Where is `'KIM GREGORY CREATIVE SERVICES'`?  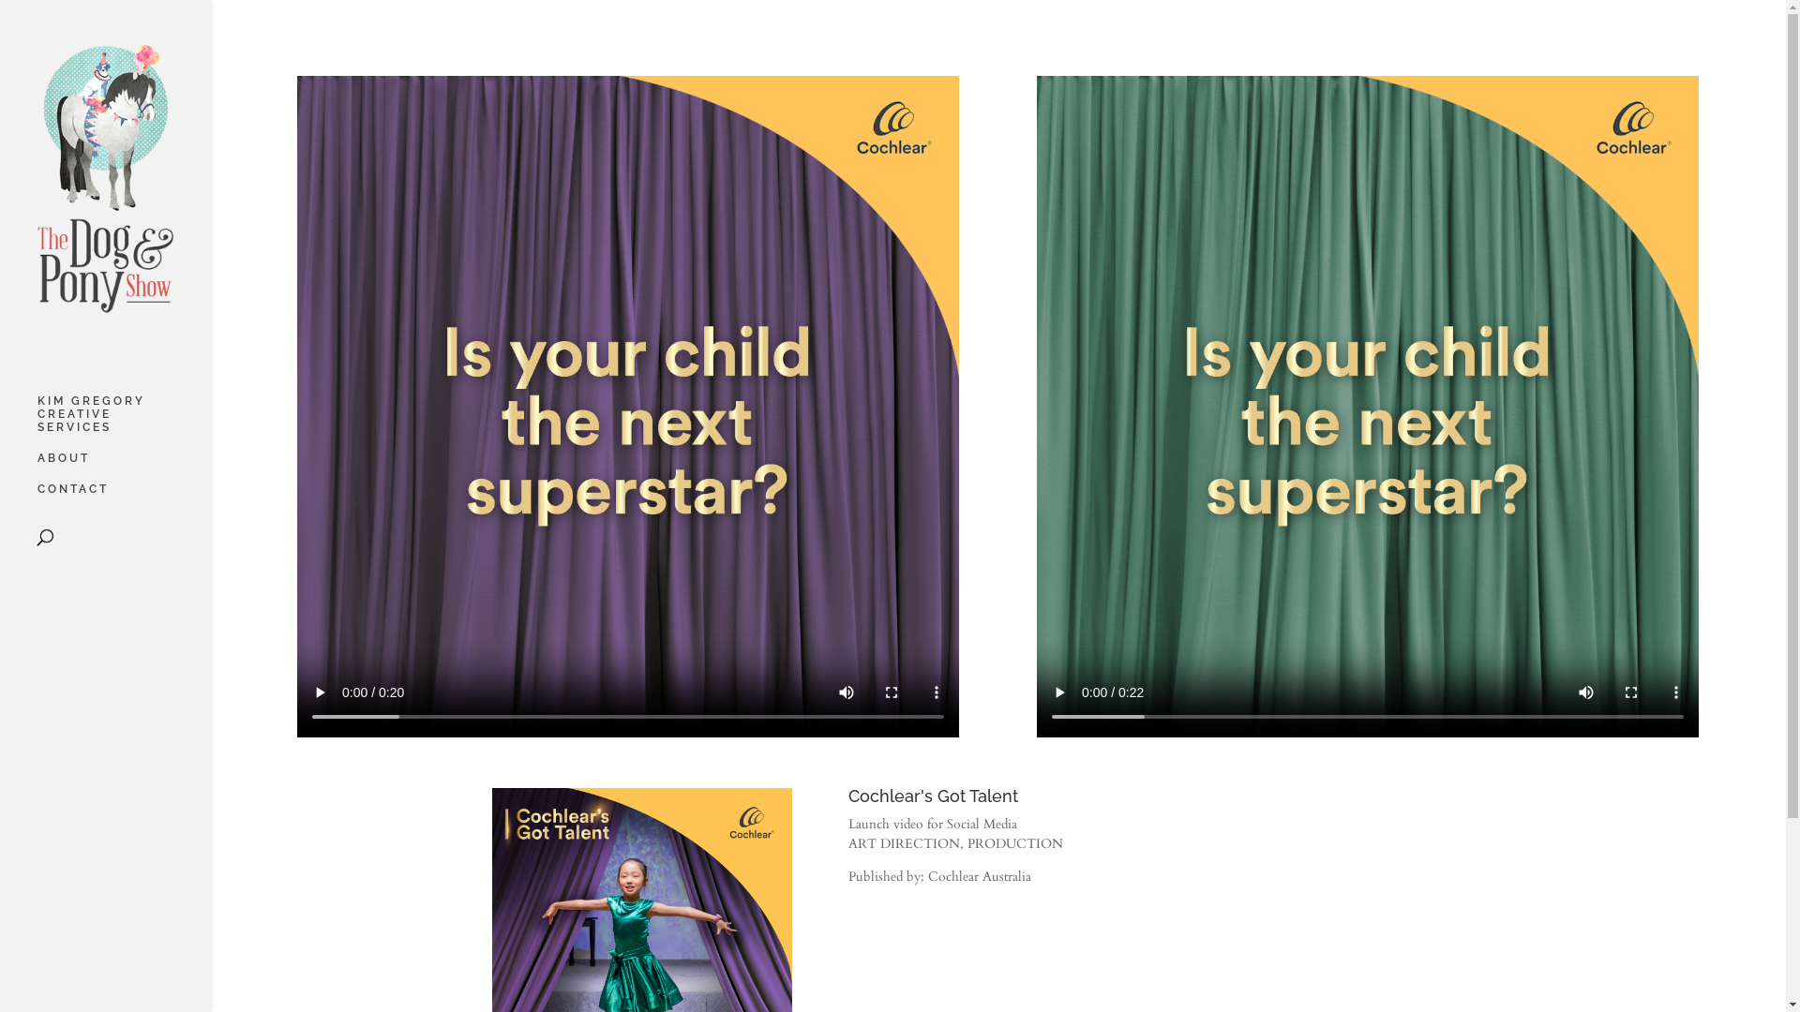
'KIM GREGORY CREATIVE SERVICES' is located at coordinates (123, 423).